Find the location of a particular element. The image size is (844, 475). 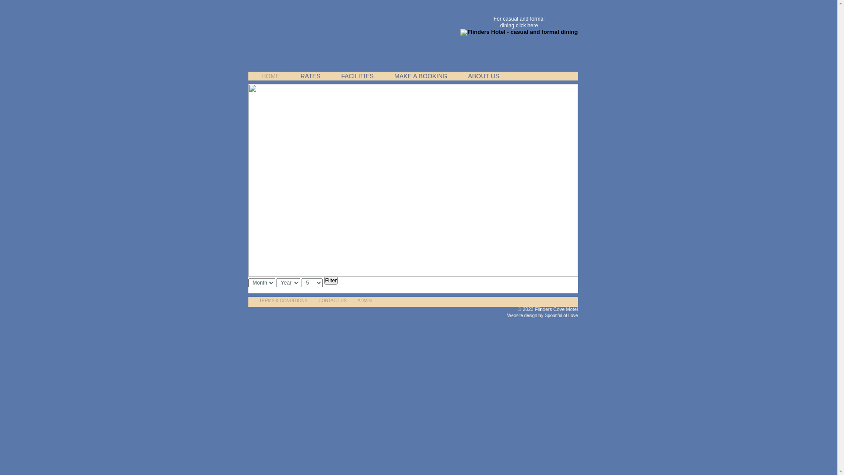

'Filter' is located at coordinates (331, 280).